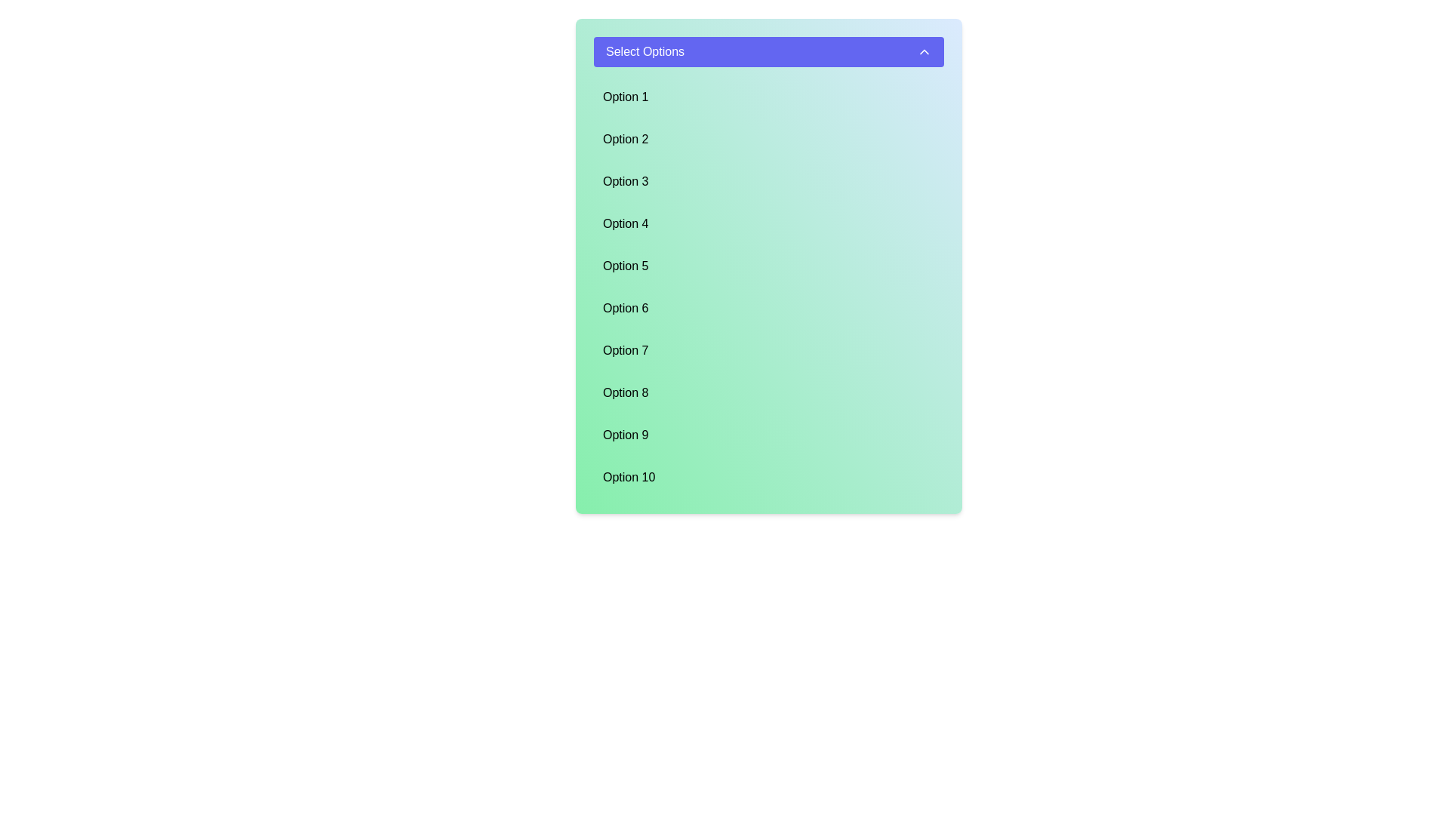 The height and width of the screenshot is (815, 1449). Describe the element at coordinates (626, 435) in the screenshot. I see `the text item labeled 'Option 9' which is displayed in black font on a light green background, located near the bottom of a vertical list of options` at that location.